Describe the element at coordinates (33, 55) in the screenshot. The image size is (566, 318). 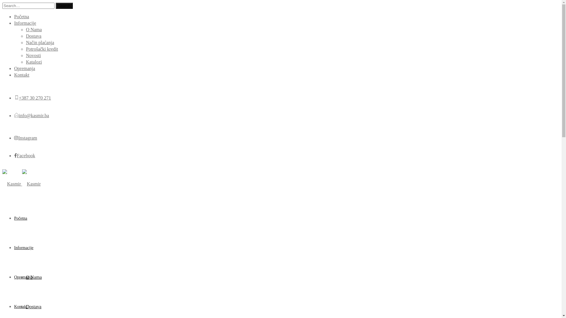
I see `'Novosti'` at that location.